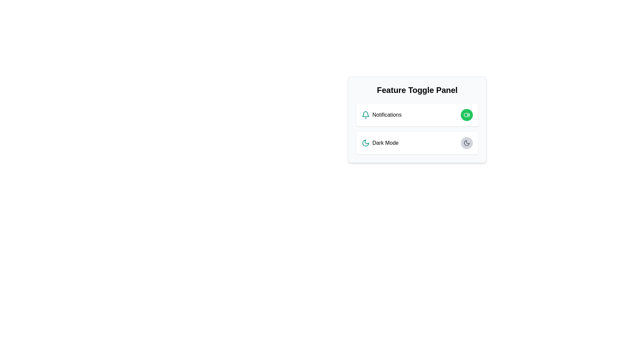 This screenshot has height=361, width=643. What do you see at coordinates (365, 114) in the screenshot?
I see `the bell icon with a teal-colored outline in the Notifications section` at bounding box center [365, 114].